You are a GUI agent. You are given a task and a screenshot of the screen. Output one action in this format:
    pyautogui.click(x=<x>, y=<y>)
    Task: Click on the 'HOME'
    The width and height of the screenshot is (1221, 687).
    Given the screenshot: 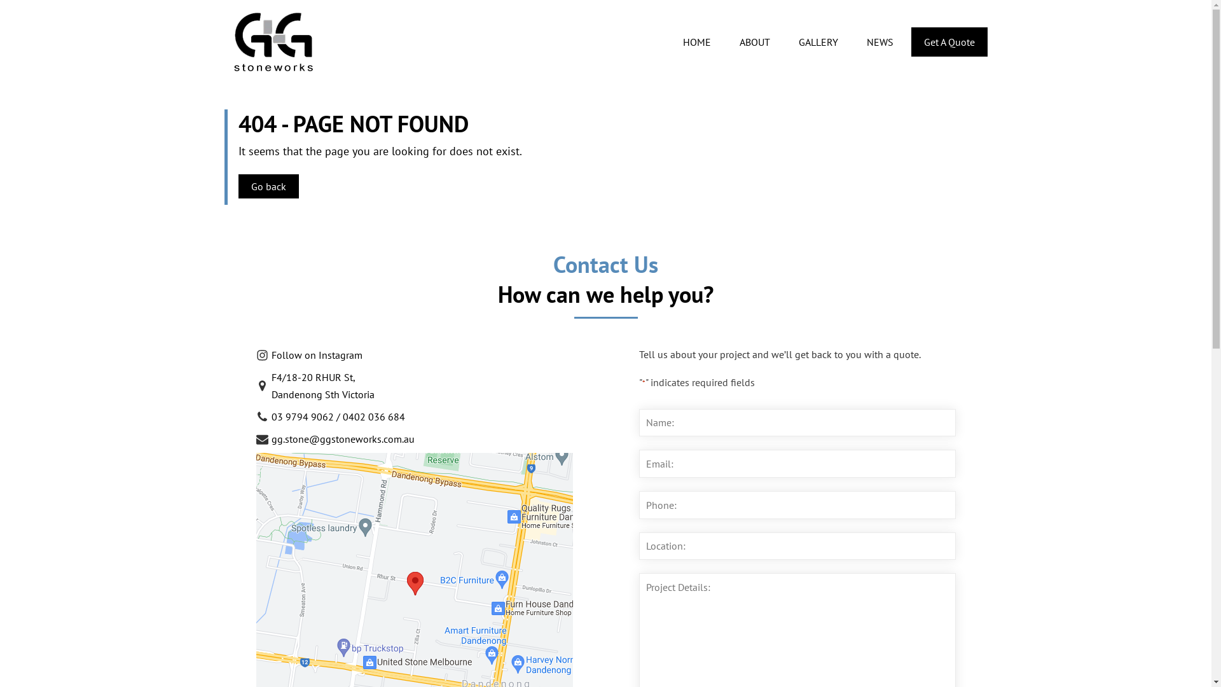 What is the action you would take?
    pyautogui.click(x=696, y=41)
    